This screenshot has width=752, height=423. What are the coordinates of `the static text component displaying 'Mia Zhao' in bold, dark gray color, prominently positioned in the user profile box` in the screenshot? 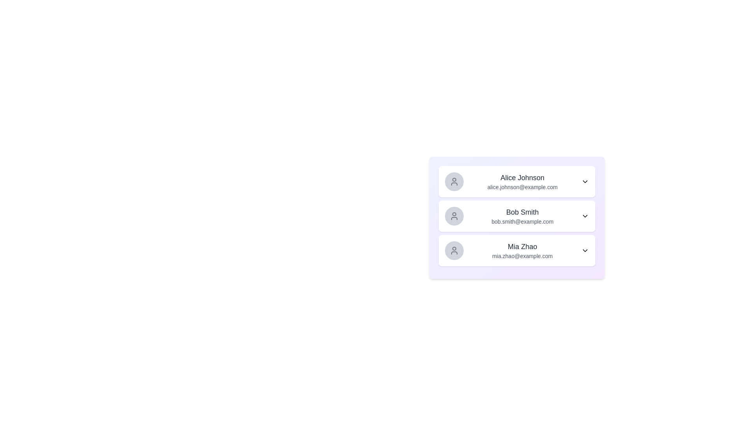 It's located at (522, 246).